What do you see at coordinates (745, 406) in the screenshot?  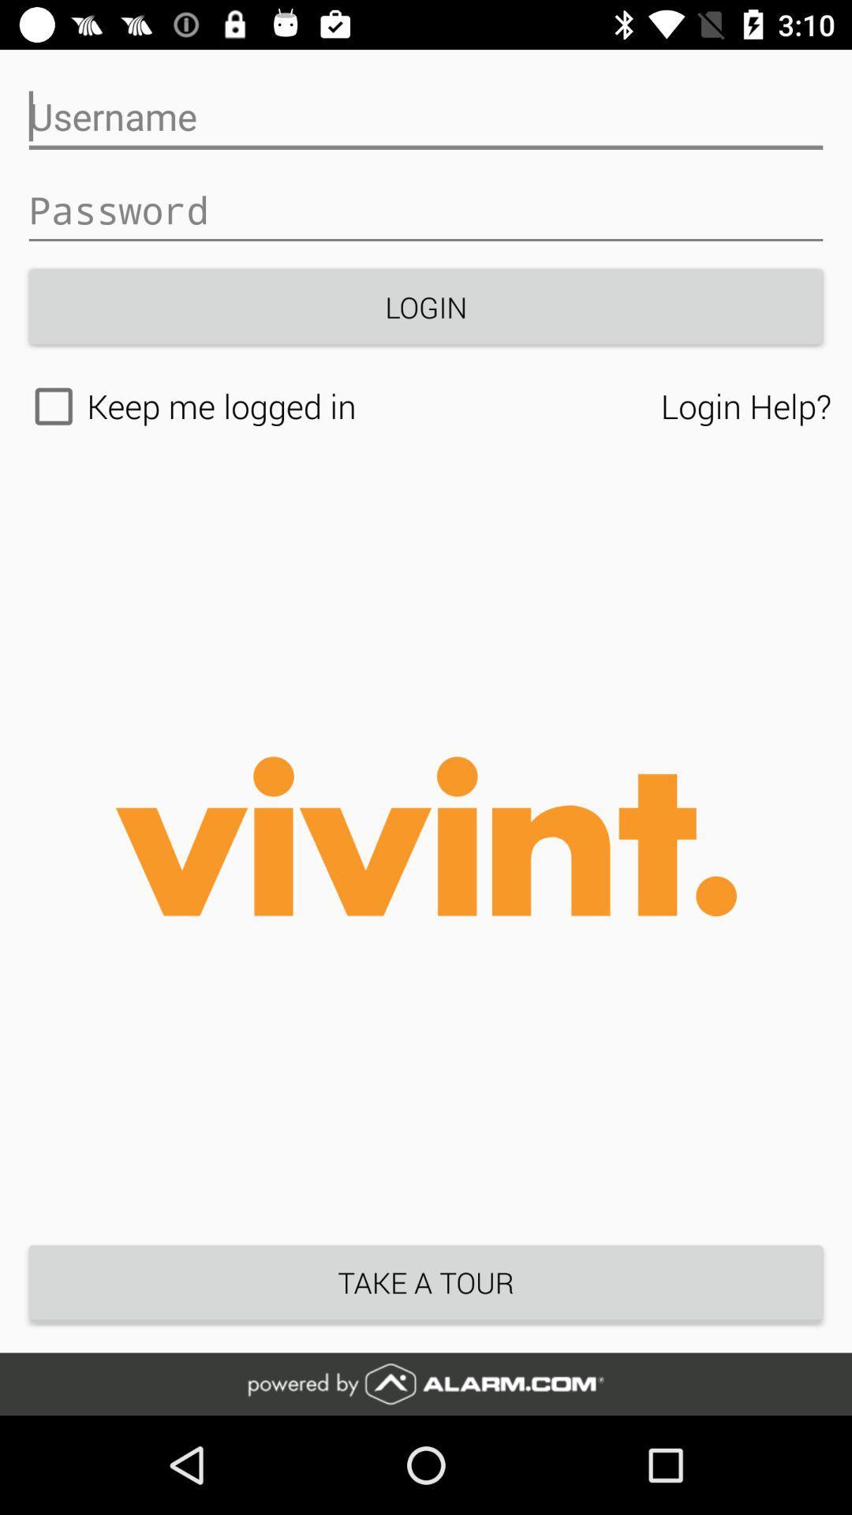 I see `icon next to keep me logged icon` at bounding box center [745, 406].